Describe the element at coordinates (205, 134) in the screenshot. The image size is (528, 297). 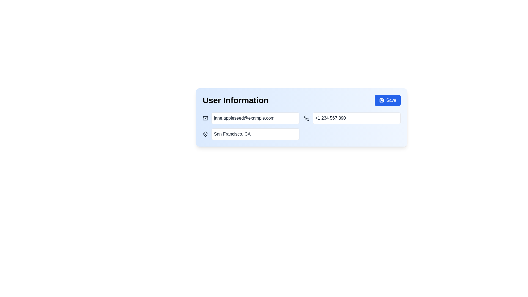
I see `the leftmost icon in the 'User Information' section, which is located to the left of the 'San Francisco, CA' text input field` at that location.